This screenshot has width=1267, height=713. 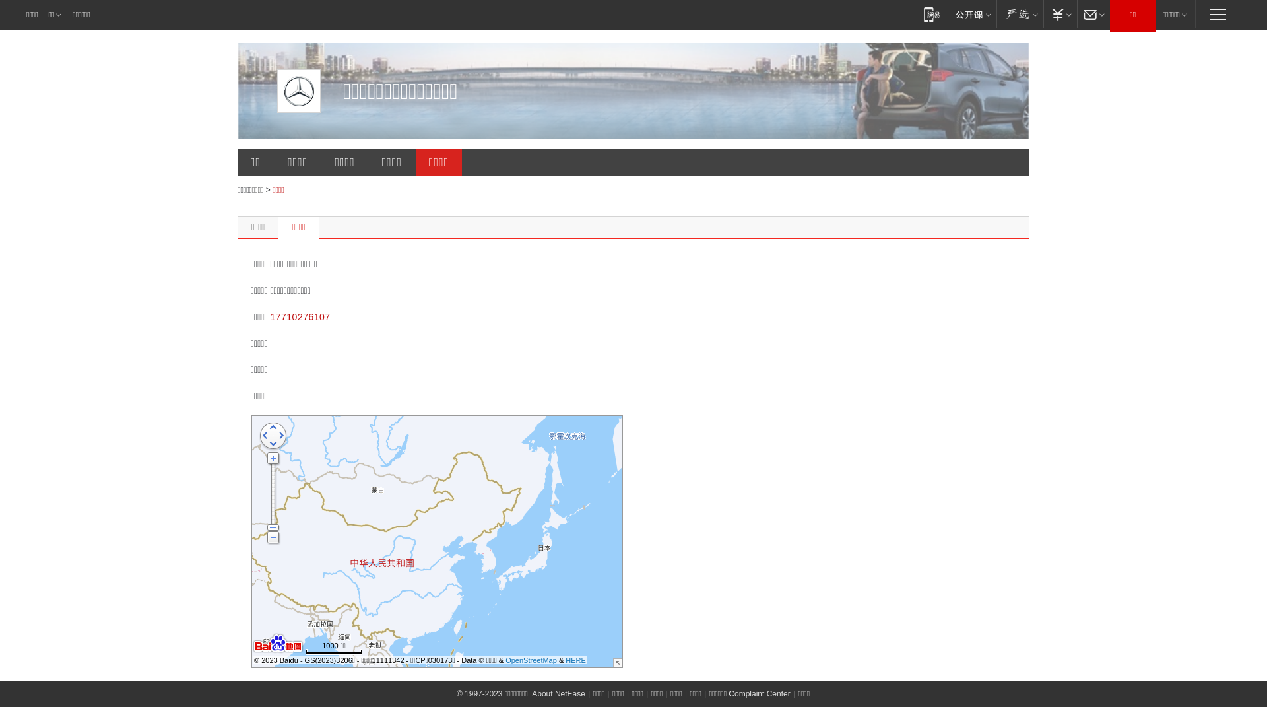 What do you see at coordinates (558, 693) in the screenshot?
I see `'About NetEase'` at bounding box center [558, 693].